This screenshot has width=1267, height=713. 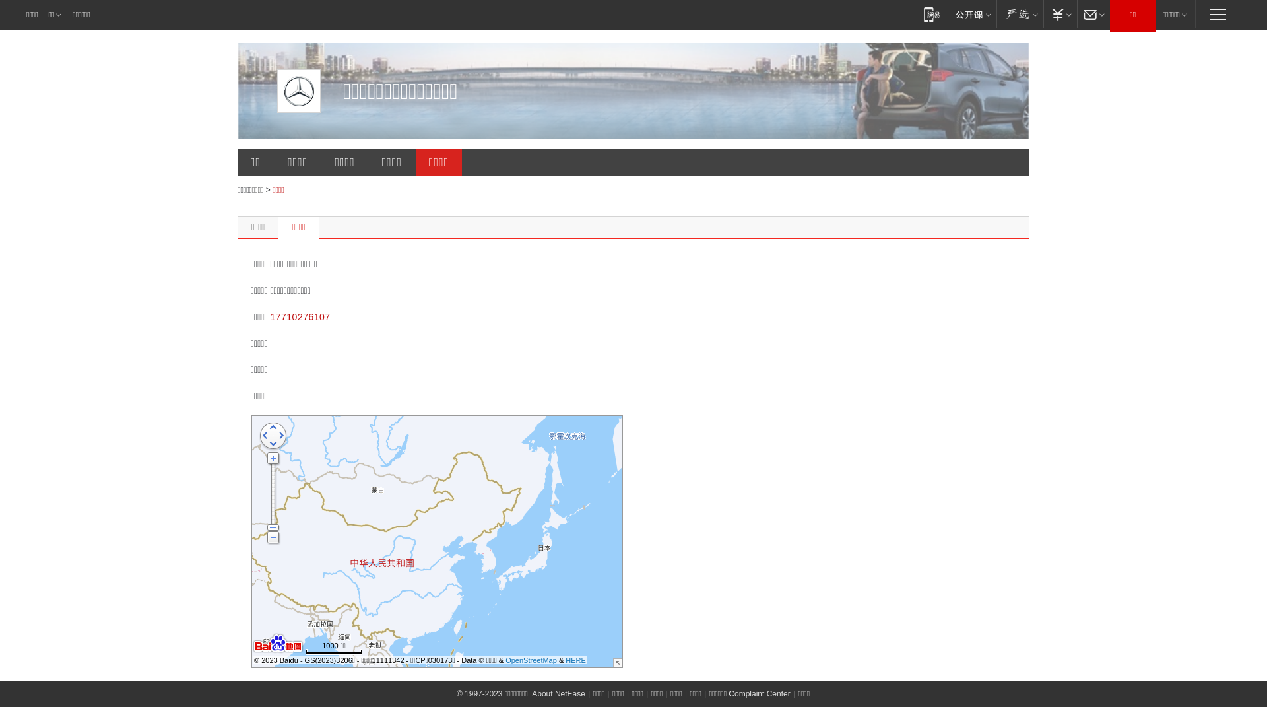 What do you see at coordinates (558, 693) in the screenshot?
I see `'About NetEase'` at bounding box center [558, 693].